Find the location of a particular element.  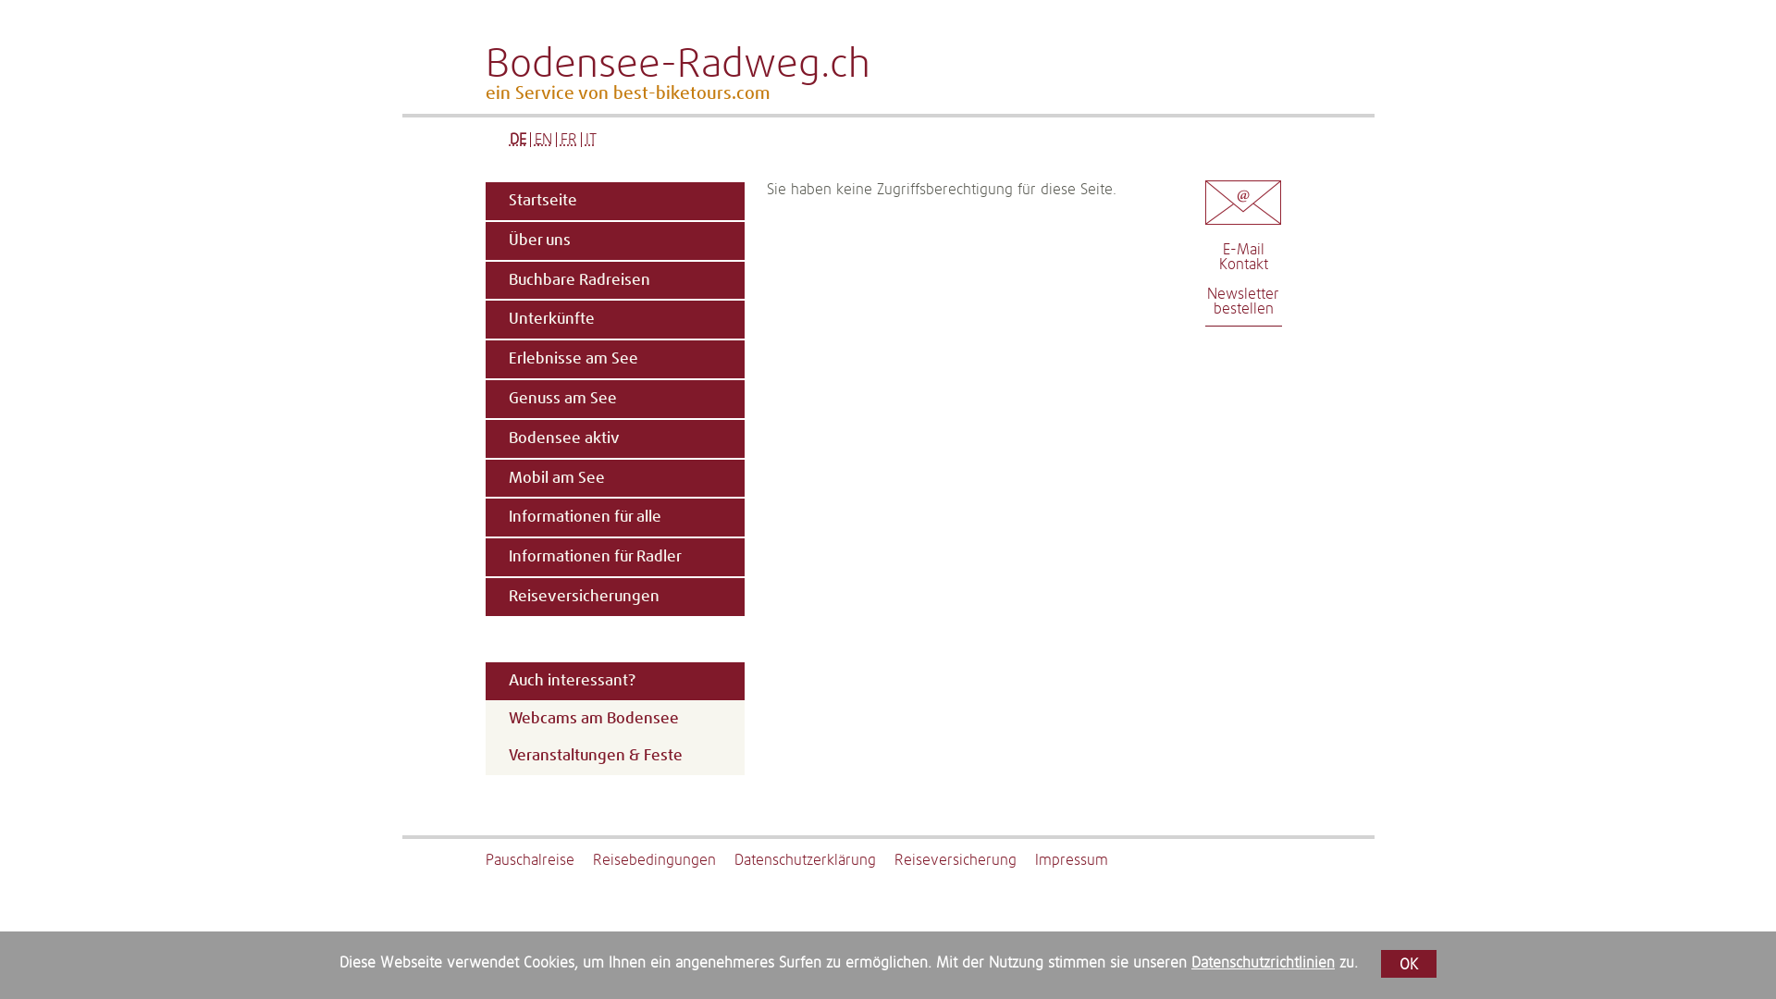

'E-Mail Kontakt' is located at coordinates (1219, 256).